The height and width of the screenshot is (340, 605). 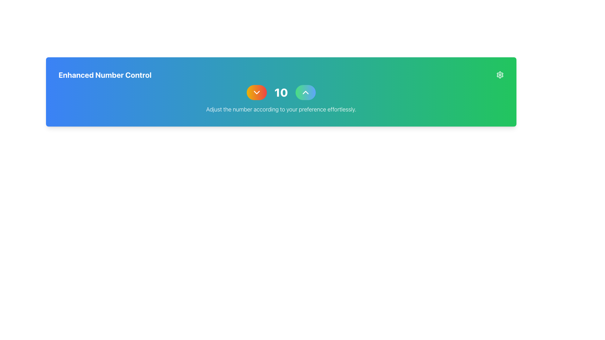 I want to click on the Text Label that displays a numeric value, located at the center of a group of elements with buttons on either side, so click(x=281, y=92).